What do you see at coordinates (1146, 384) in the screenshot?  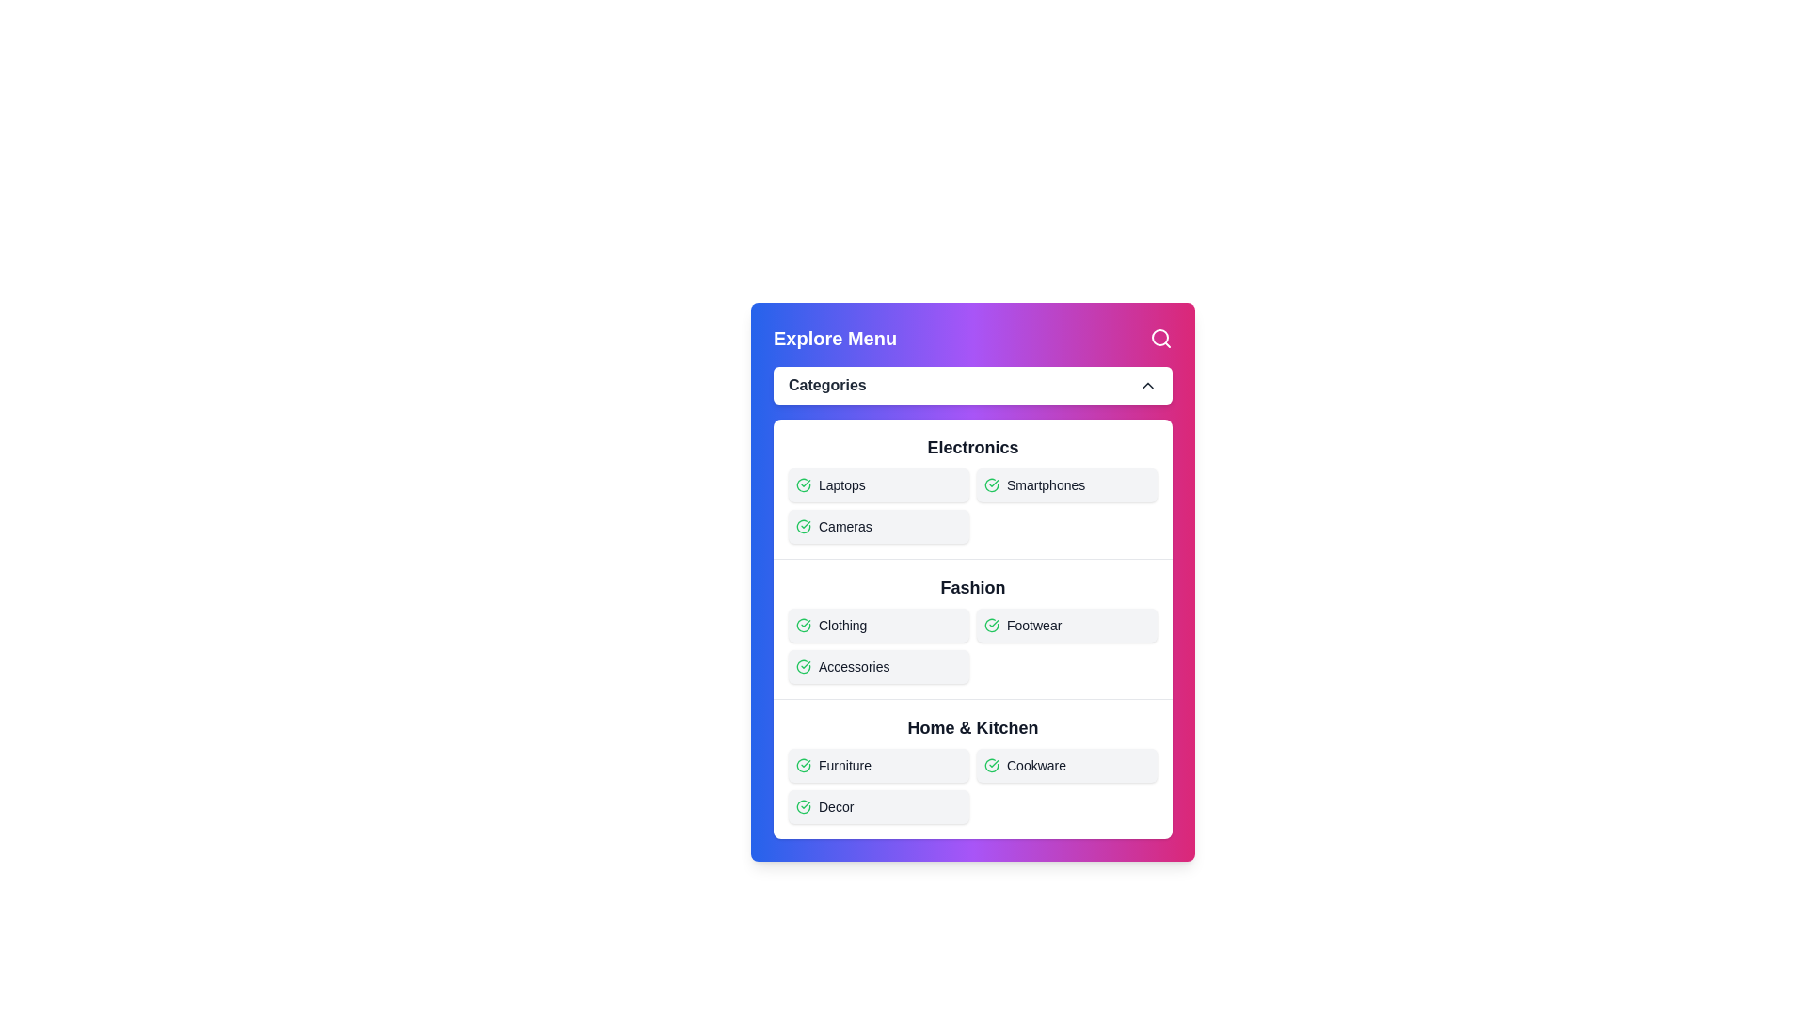 I see `the chevron icon located in the 'Categories' menu to initiate an action, which typically collapses content or indicates upward navigation` at bounding box center [1146, 384].